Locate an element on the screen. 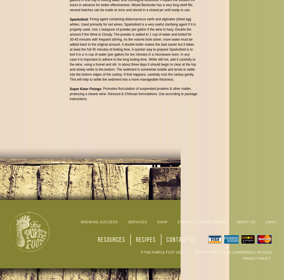 The height and width of the screenshot is (280, 284). 'Brewing Success' is located at coordinates (99, 222).